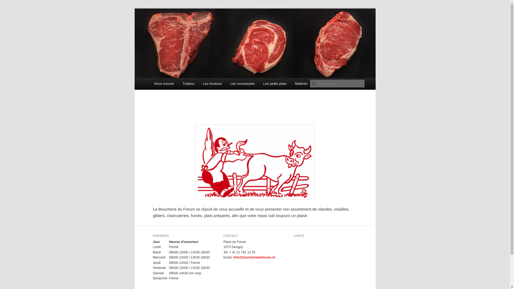 Image resolution: width=514 pixels, height=289 pixels. Describe the element at coordinates (212, 83) in the screenshot. I see `'Les fondues'` at that location.